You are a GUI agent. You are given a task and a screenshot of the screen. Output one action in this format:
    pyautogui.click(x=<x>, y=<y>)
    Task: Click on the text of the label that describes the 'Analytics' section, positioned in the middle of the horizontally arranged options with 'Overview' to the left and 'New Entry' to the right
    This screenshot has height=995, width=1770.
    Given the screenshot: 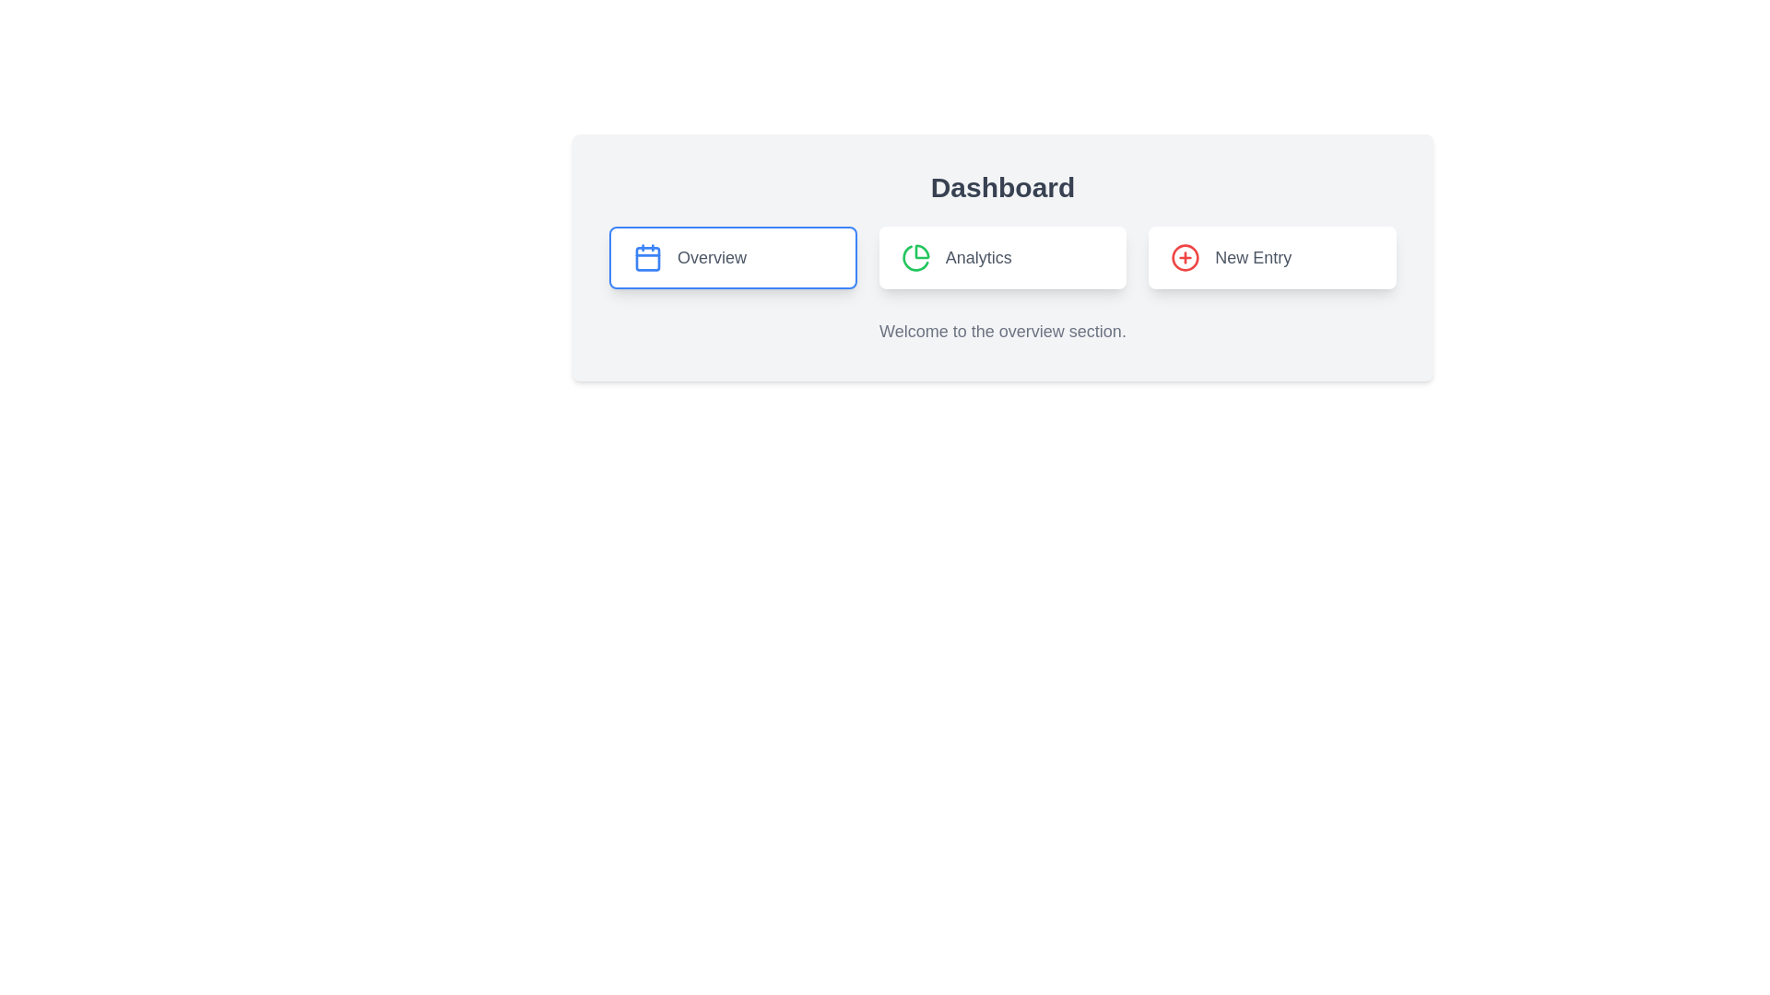 What is the action you would take?
    pyautogui.click(x=977, y=258)
    